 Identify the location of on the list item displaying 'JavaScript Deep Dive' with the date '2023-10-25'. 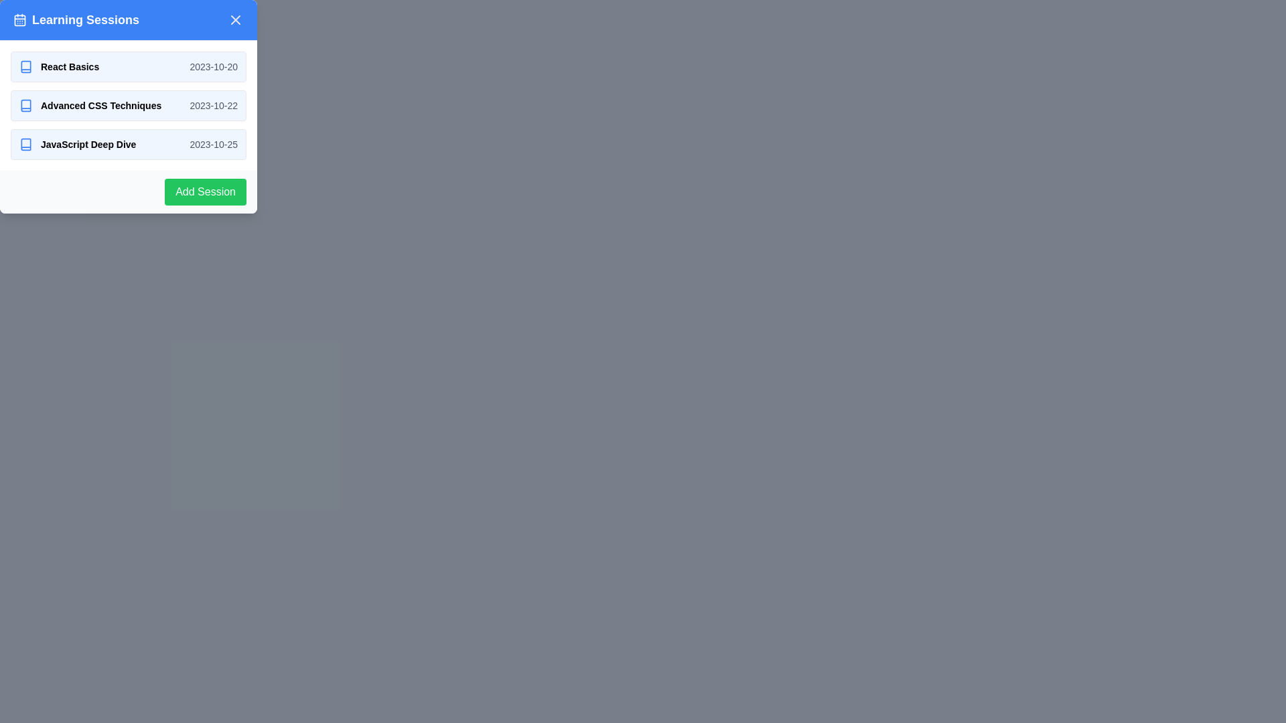
(129, 145).